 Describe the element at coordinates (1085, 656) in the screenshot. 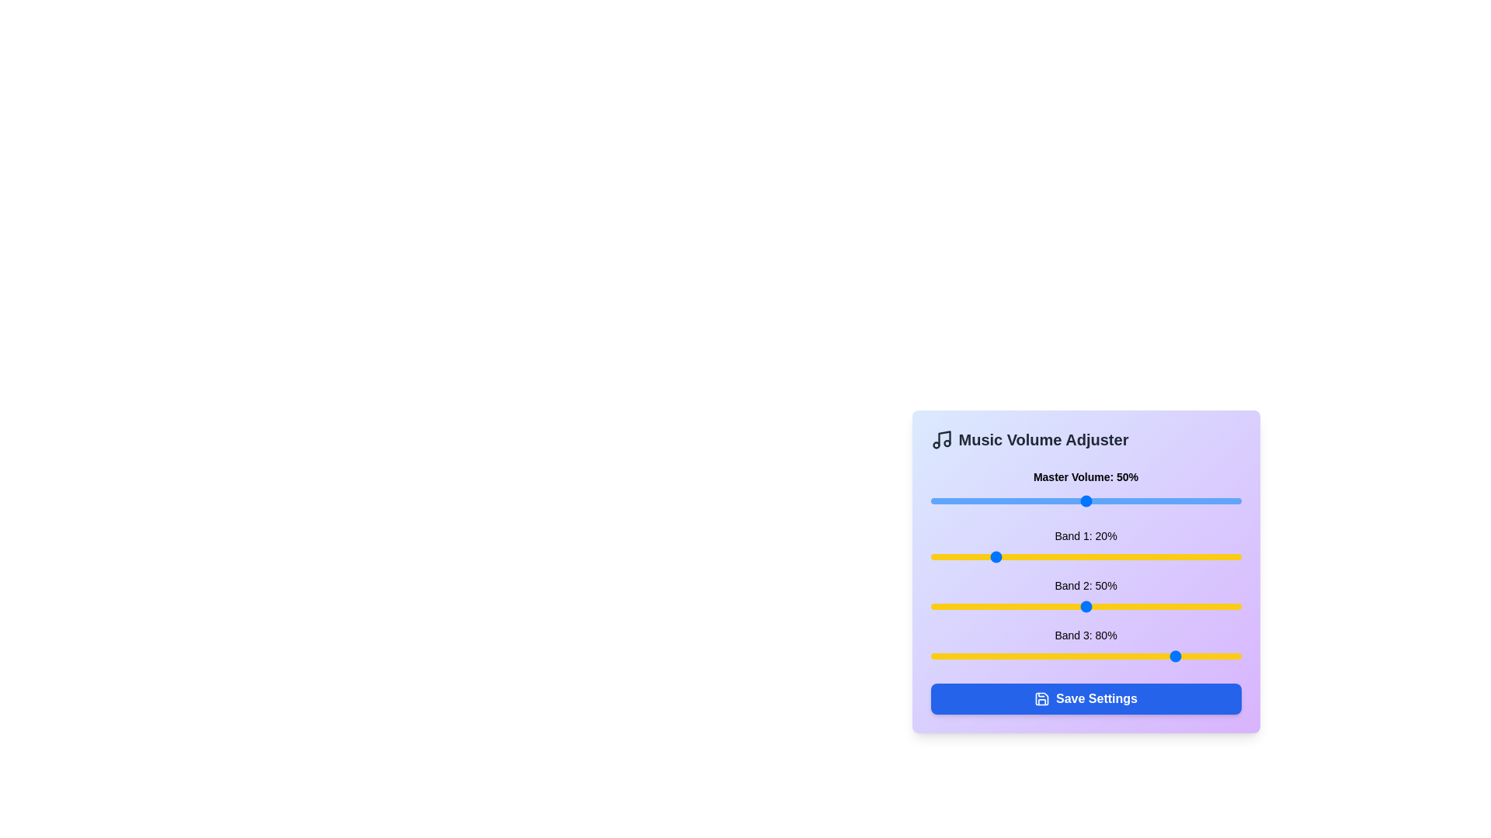

I see `the slider track for Band 3 to set a new volume value` at that location.